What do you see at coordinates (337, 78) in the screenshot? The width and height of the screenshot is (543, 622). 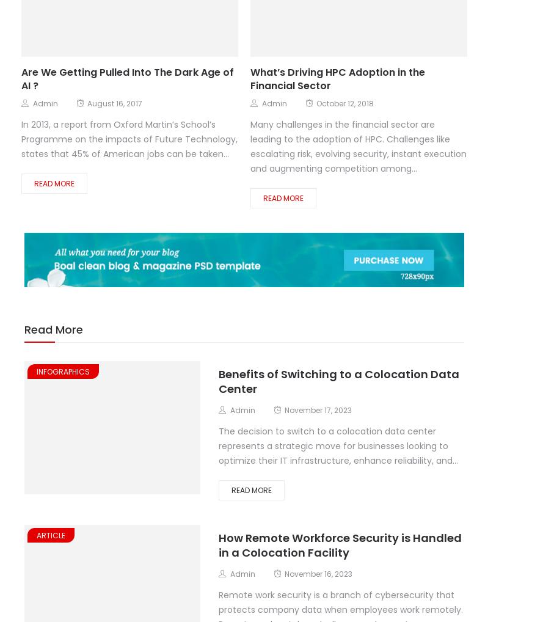 I see `'What’s Driving HPC Adoption in the Financial Sector'` at bounding box center [337, 78].